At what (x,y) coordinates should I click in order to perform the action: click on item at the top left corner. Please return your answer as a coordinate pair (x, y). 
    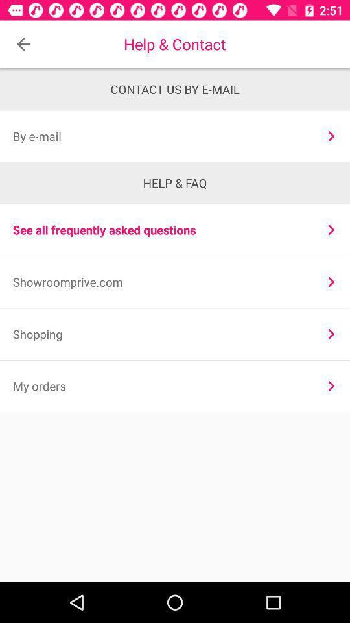
    Looking at the image, I should click on (23, 44).